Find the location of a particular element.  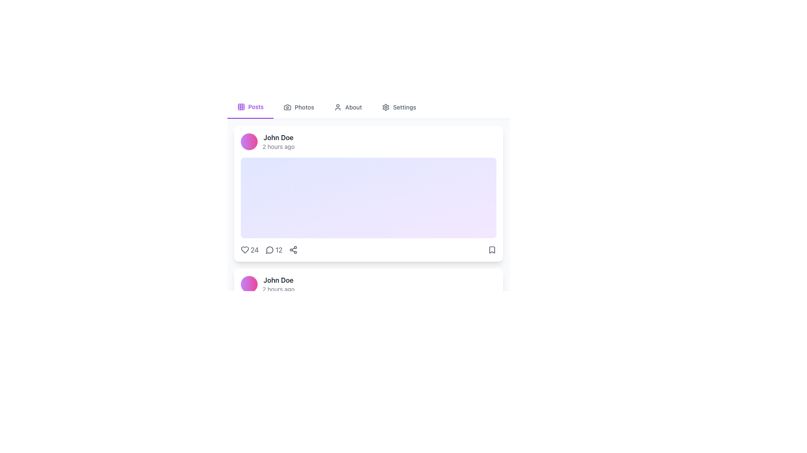

the 'Share' icon button located at the end of the row of interactive components below the post's content area is located at coordinates (293, 250).